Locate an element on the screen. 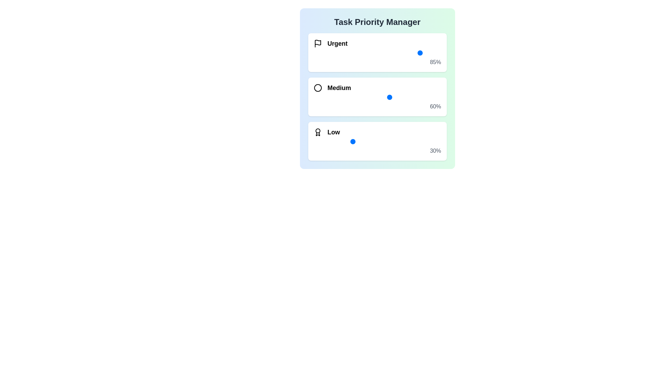 This screenshot has width=665, height=374. the priority slider for the 'Urgent' task to 87% is located at coordinates (424, 53).